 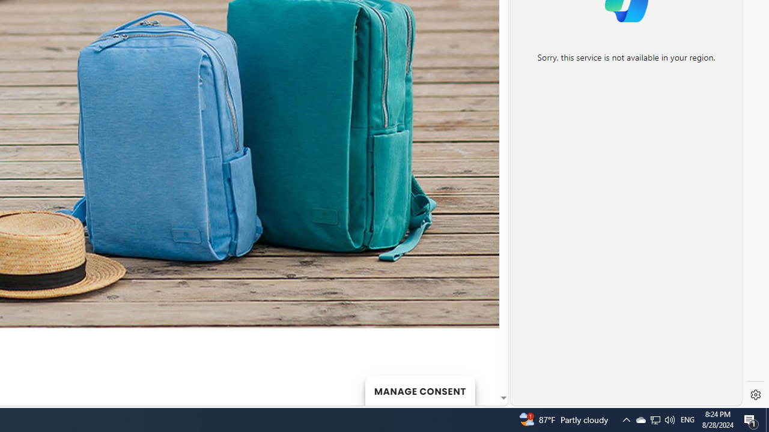 I want to click on 'MANAGE CONSENT', so click(x=419, y=390).